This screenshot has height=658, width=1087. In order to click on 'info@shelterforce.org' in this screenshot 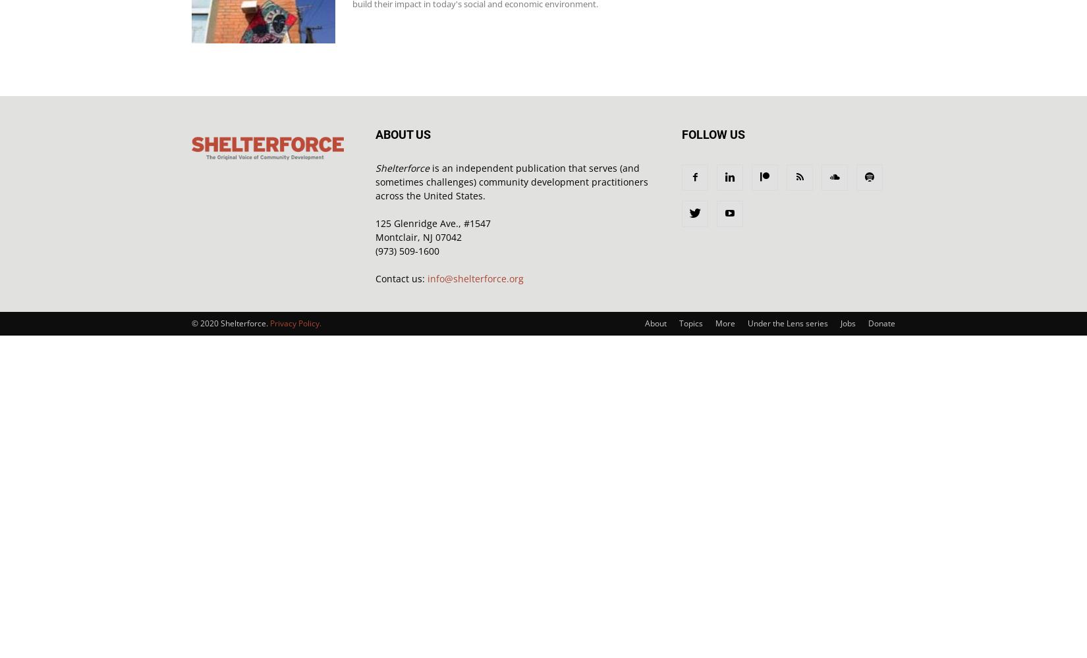, I will do `click(475, 278)`.